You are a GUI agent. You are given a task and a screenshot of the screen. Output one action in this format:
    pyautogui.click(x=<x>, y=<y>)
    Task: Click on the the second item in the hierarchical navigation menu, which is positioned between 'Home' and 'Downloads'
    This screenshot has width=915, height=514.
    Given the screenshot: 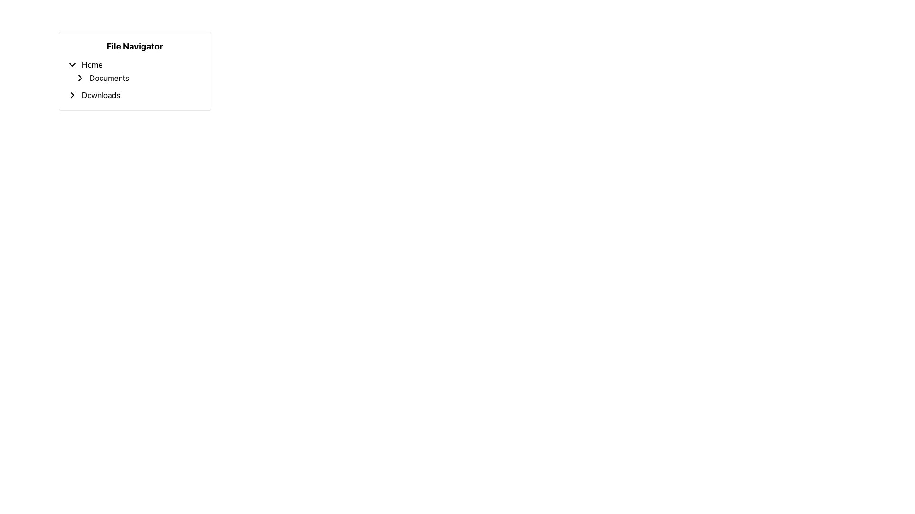 What is the action you would take?
    pyautogui.click(x=134, y=71)
    